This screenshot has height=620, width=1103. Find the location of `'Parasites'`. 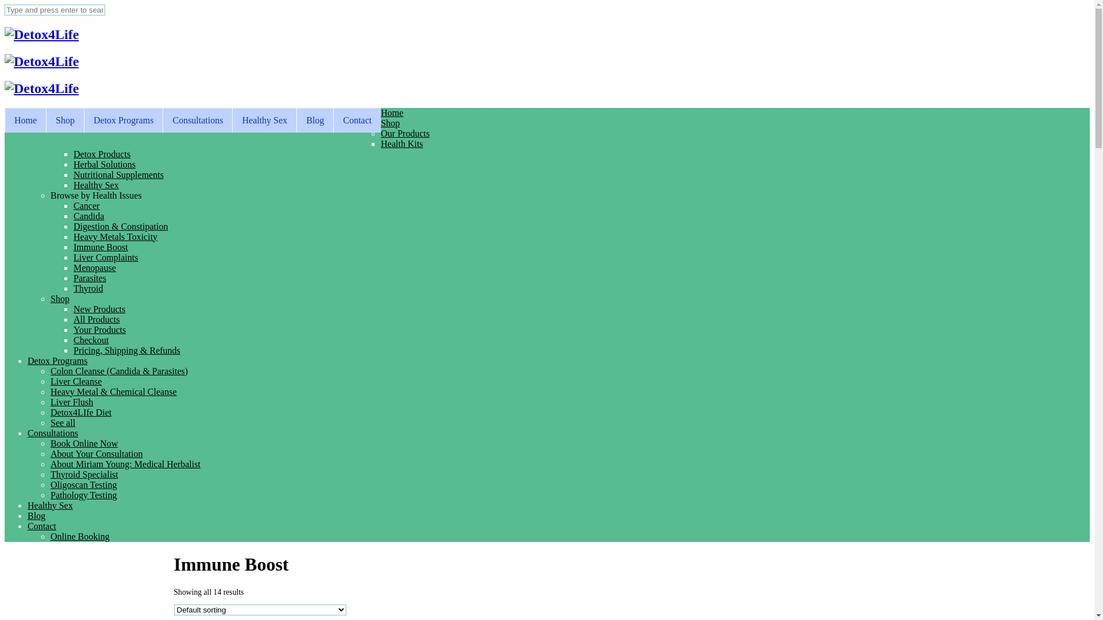

'Parasites' is located at coordinates (73, 278).